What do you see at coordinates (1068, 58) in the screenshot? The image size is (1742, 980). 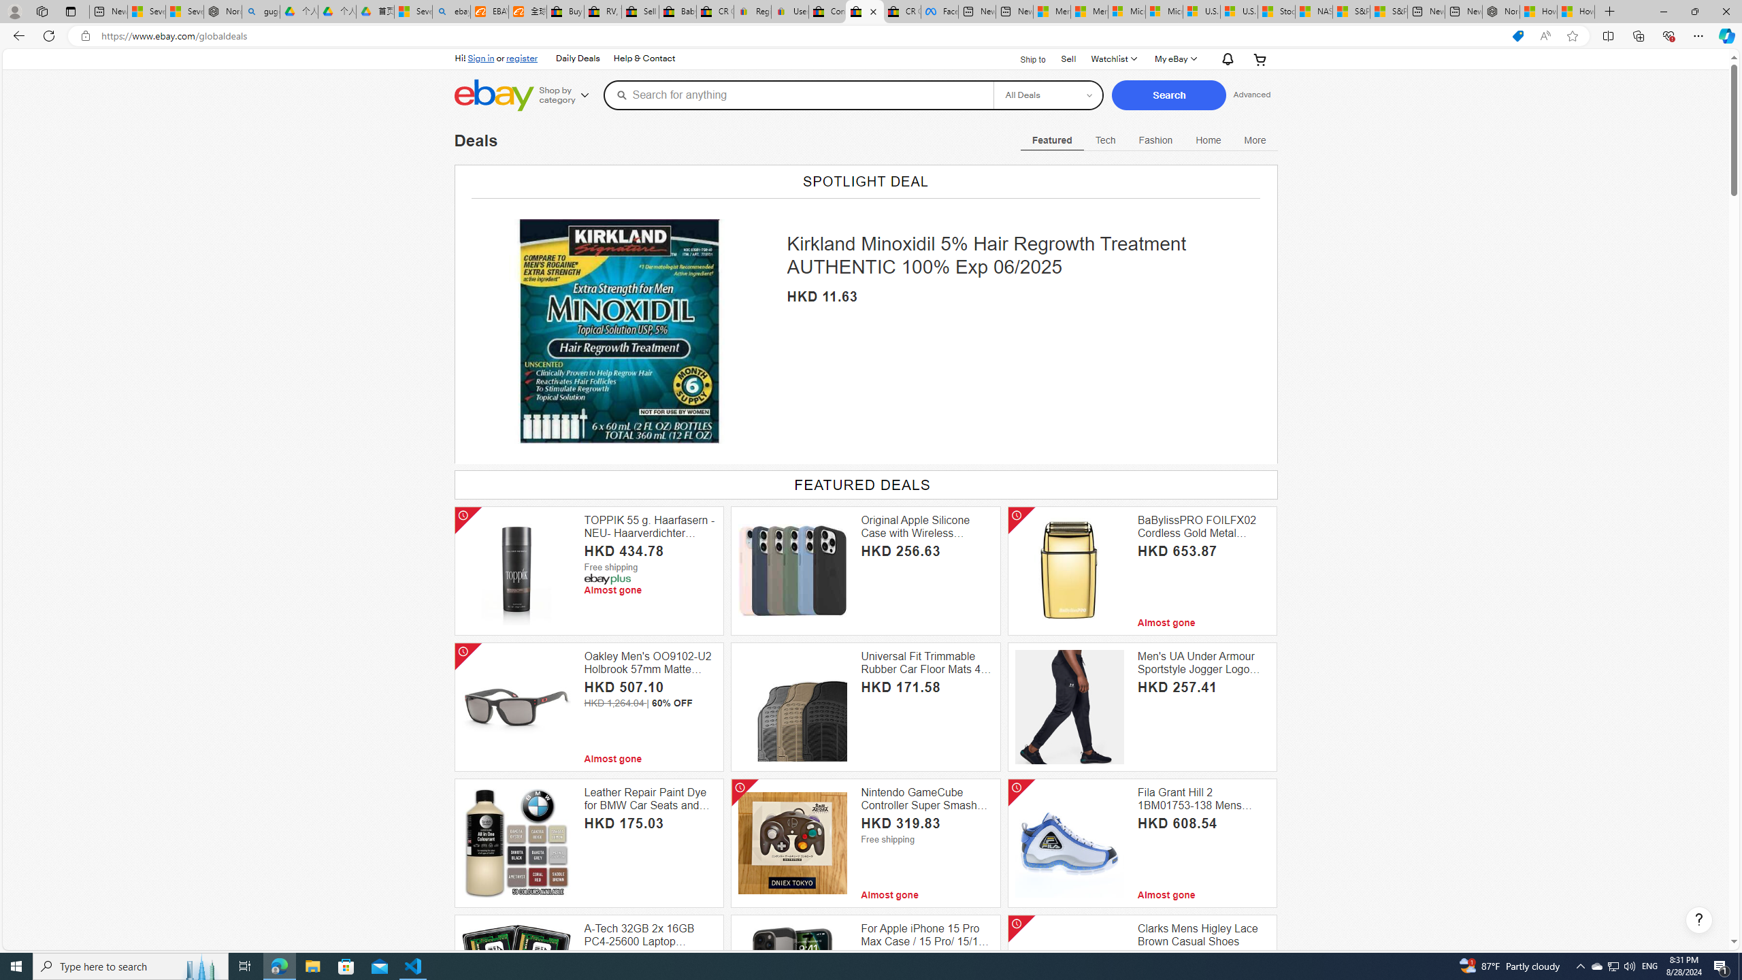 I see `'Sell'` at bounding box center [1068, 58].